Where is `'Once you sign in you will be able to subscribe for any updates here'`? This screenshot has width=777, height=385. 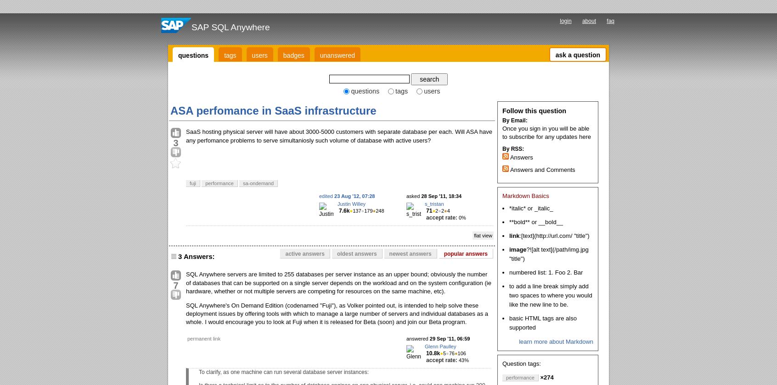
'Once you sign in you will be able to subscribe for any updates here' is located at coordinates (546, 132).